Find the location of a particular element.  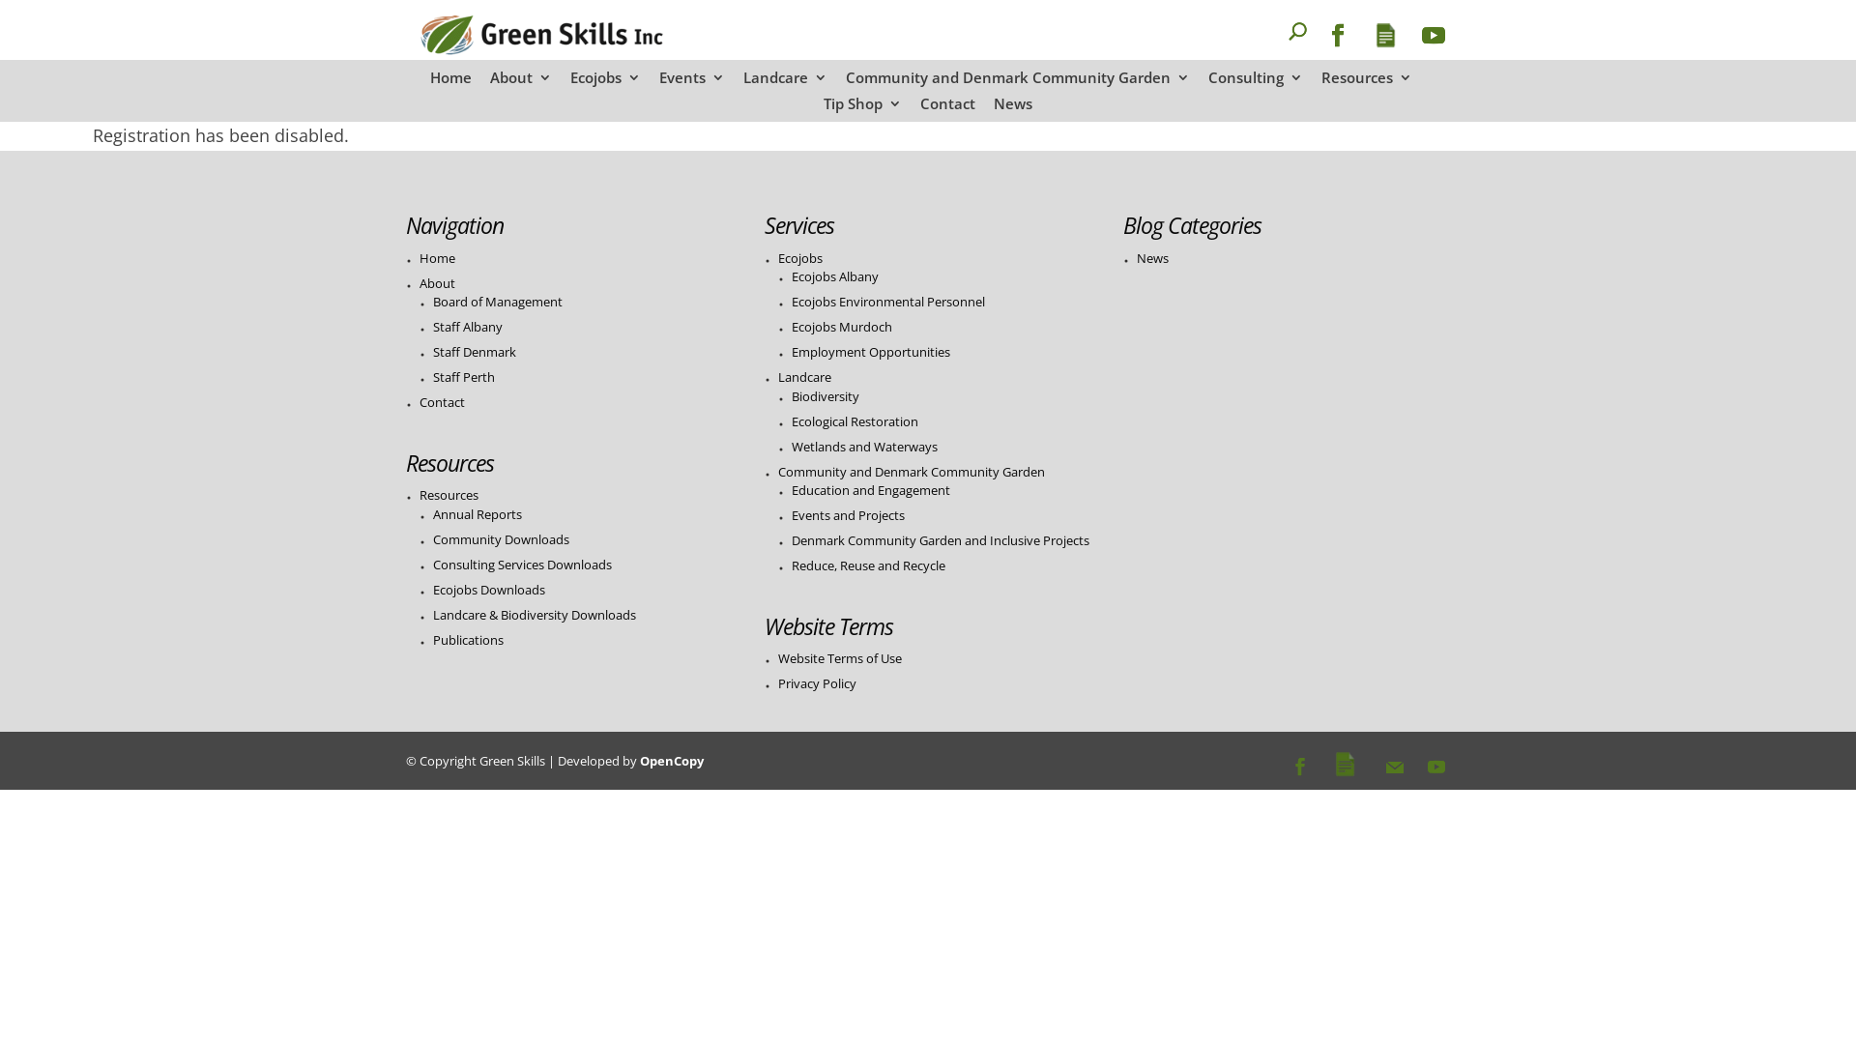

'Ecojobs Albany' is located at coordinates (835, 275).